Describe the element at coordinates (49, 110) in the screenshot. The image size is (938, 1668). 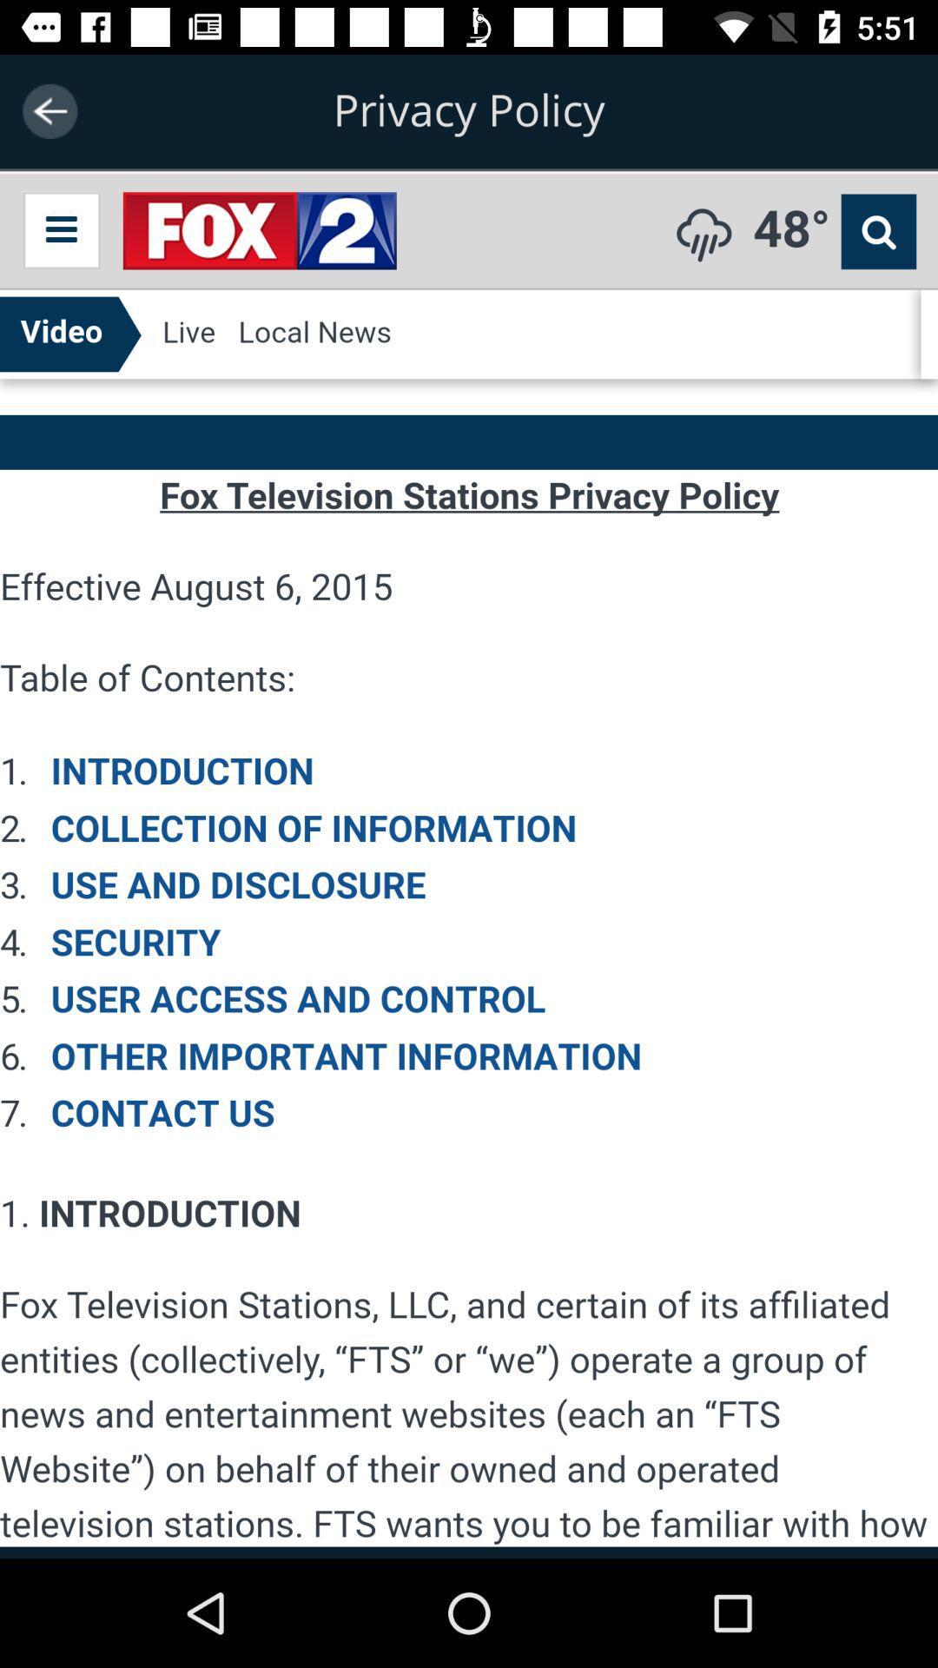
I see `the arrow_backward icon` at that location.